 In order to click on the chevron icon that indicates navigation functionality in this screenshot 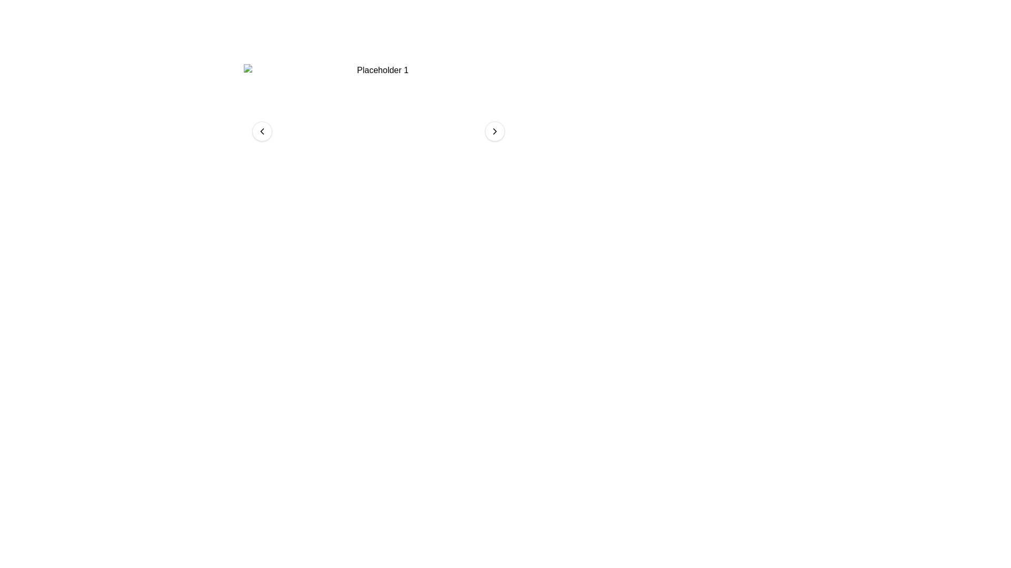, I will do `click(494, 131)`.